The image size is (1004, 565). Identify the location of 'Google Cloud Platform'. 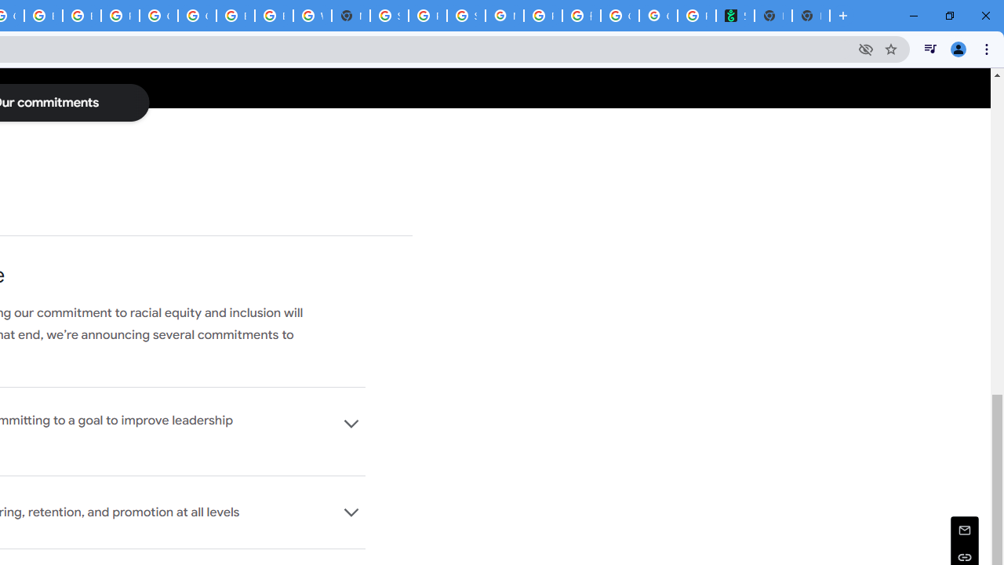
(158, 16).